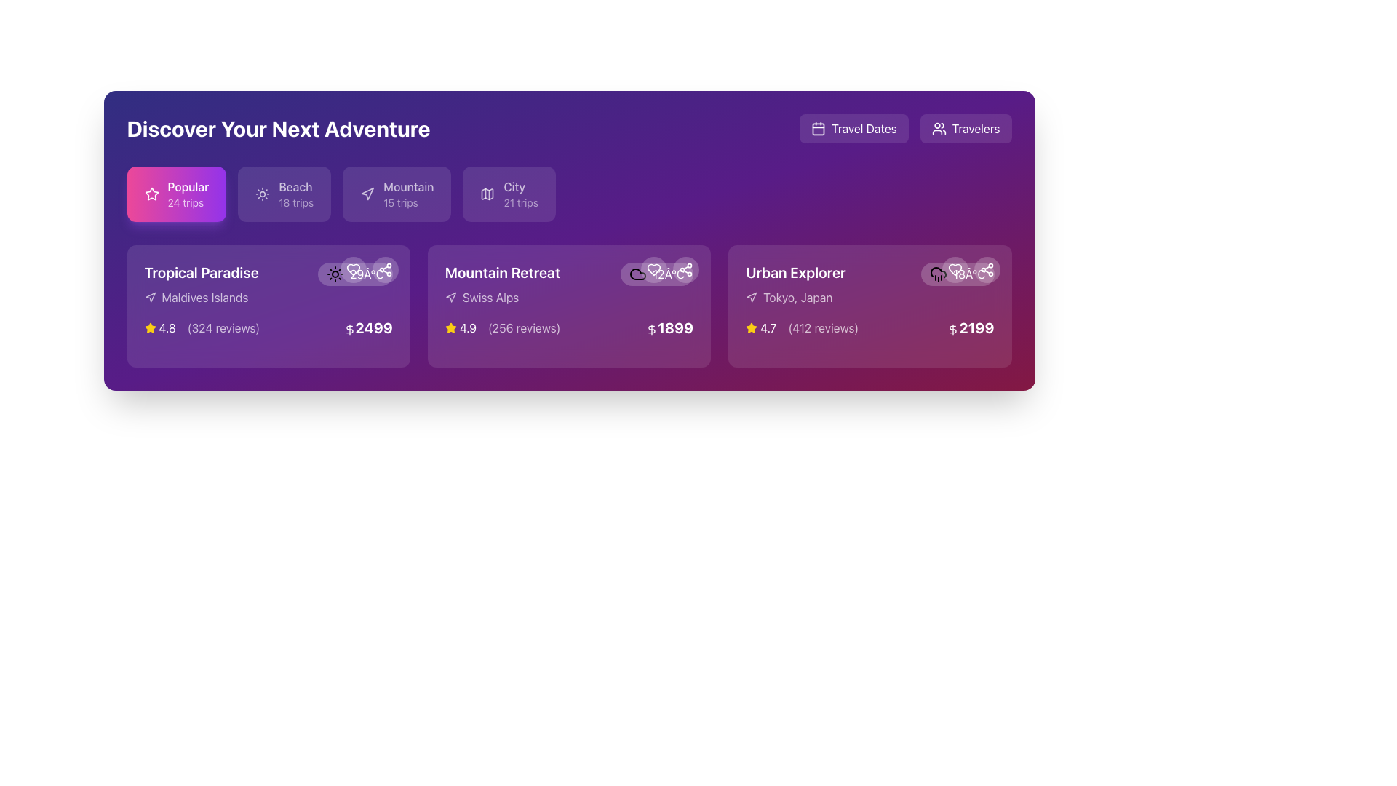 This screenshot has width=1397, height=786. What do you see at coordinates (160, 328) in the screenshot?
I see `average rating value displayed in the lower-left area of the 'Tropical Paradise' card, near the 'Maldives Islands' text and adjacent to the '(324 reviews)' text` at bounding box center [160, 328].